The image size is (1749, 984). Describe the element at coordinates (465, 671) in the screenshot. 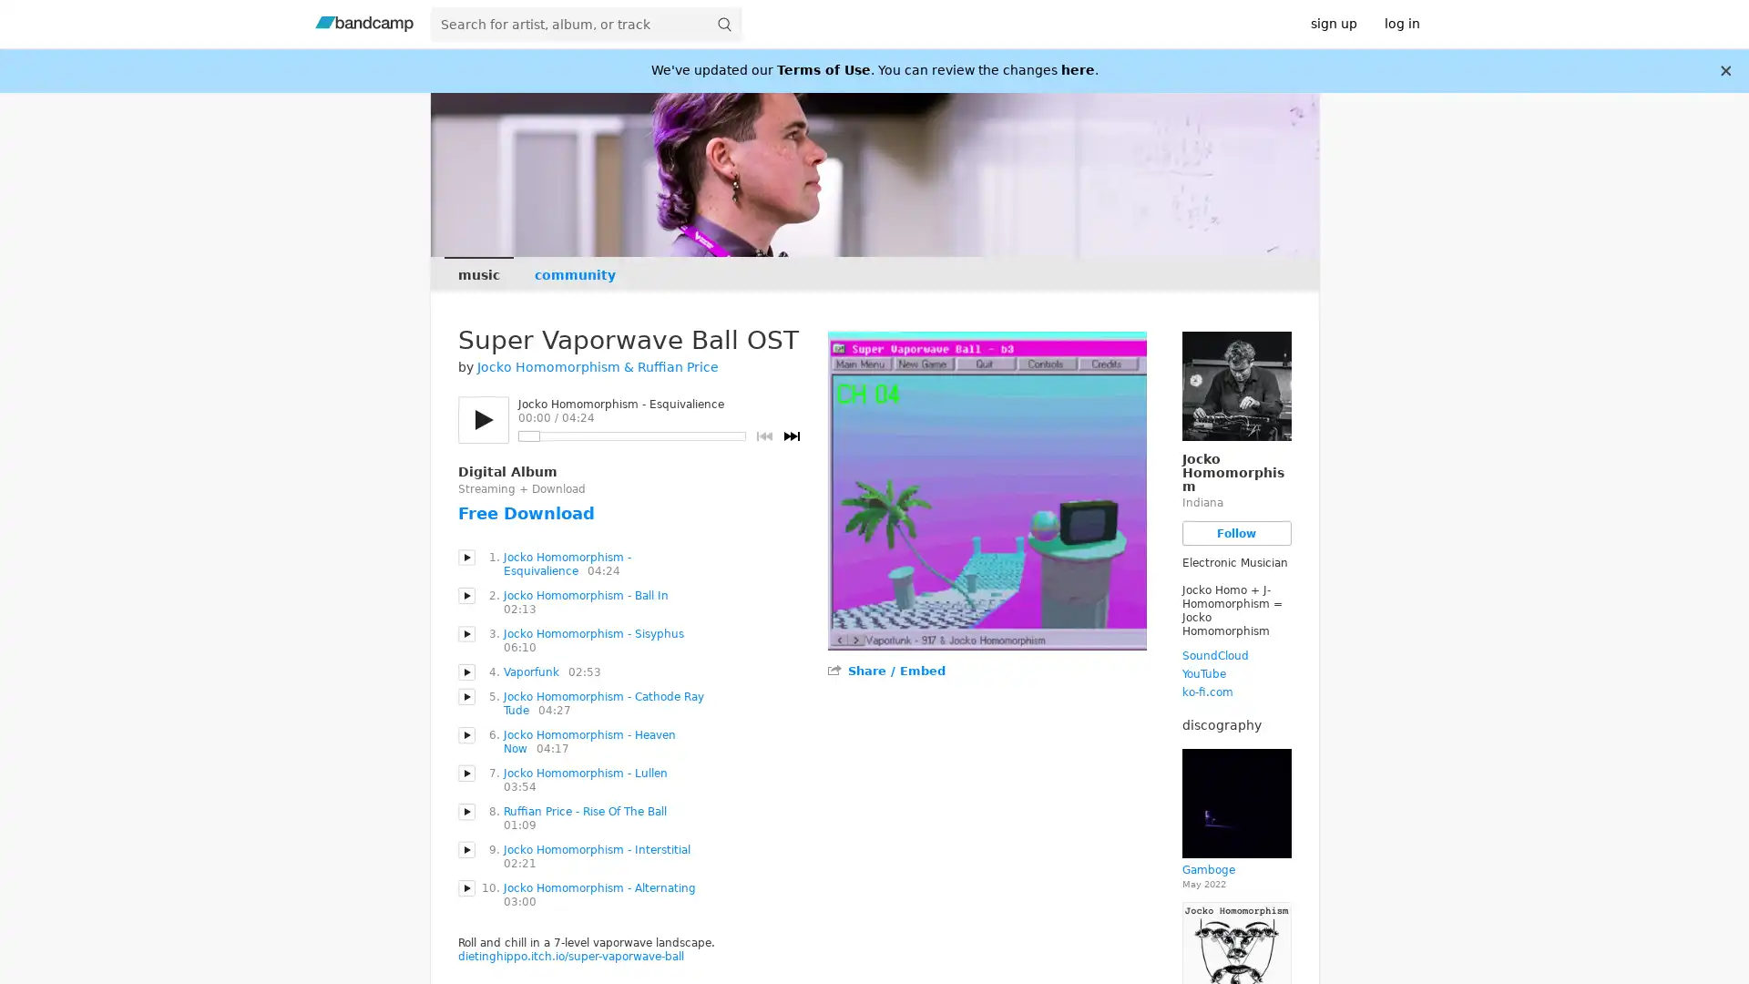

I see `Play Vaporfunk` at that location.